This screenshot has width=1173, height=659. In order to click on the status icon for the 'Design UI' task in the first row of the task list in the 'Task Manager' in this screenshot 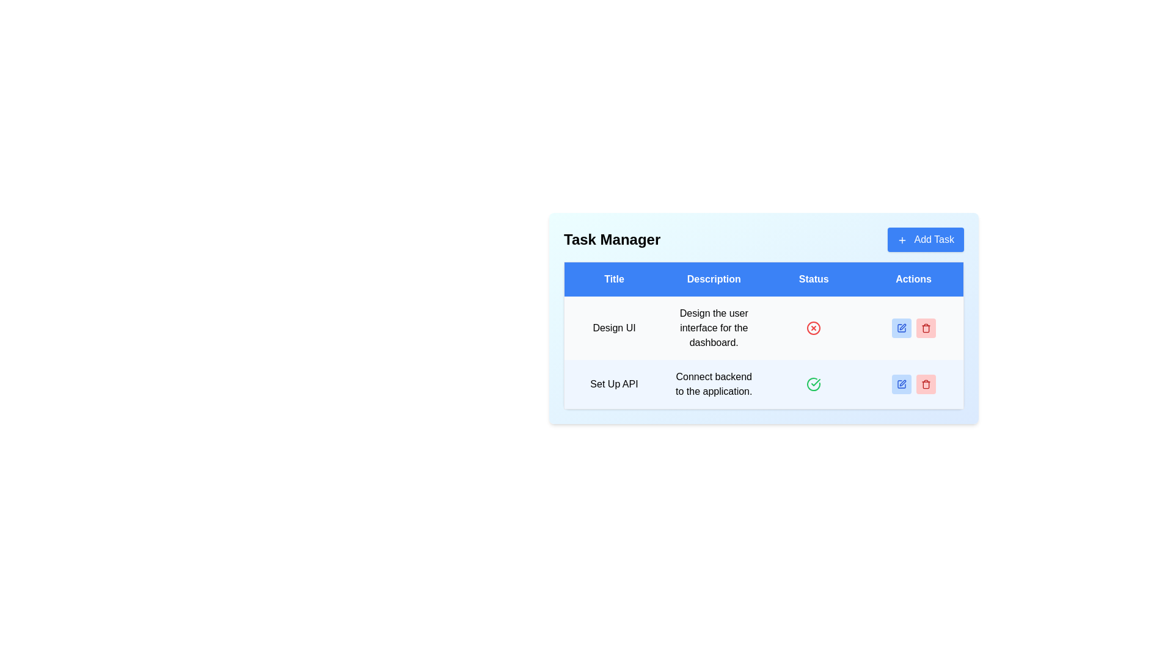, I will do `click(814, 328)`.